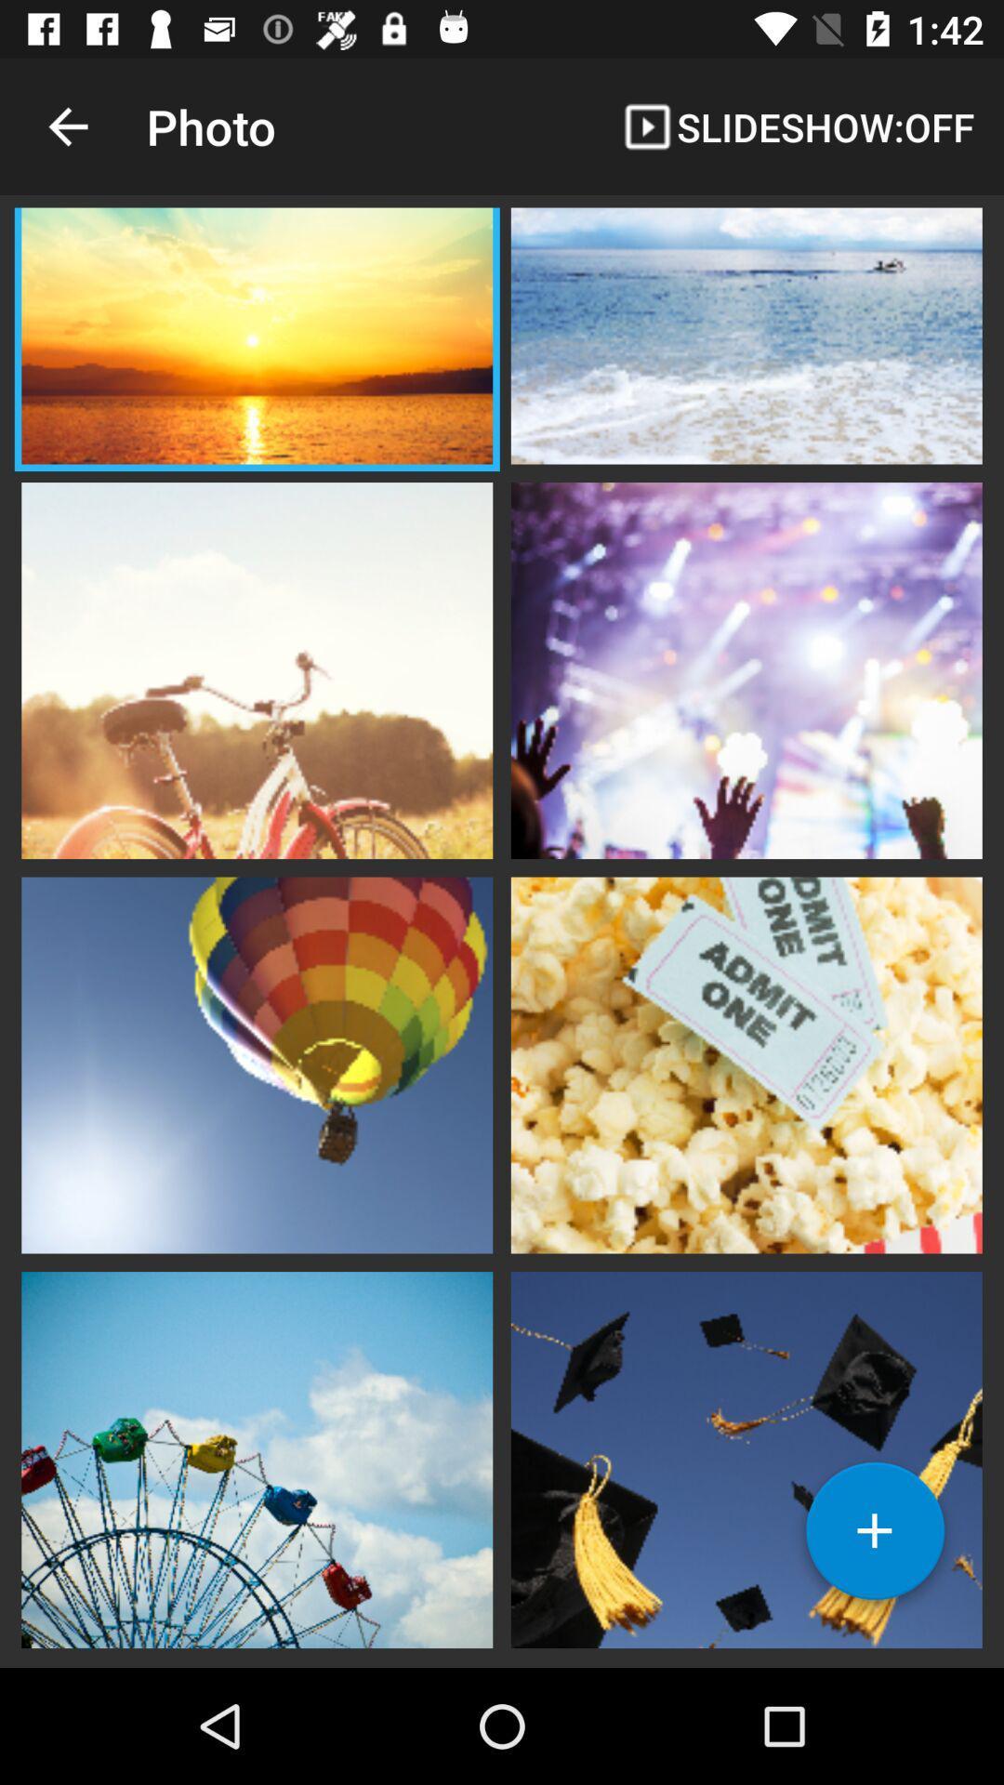 This screenshot has width=1004, height=1785. Describe the element at coordinates (746, 668) in the screenshot. I see `open image` at that location.